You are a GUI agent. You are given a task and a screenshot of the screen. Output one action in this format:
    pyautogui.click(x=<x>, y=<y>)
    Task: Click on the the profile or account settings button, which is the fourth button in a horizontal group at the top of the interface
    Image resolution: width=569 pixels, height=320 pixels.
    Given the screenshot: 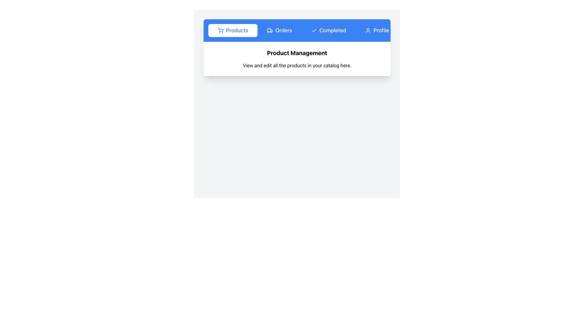 What is the action you would take?
    pyautogui.click(x=377, y=31)
    